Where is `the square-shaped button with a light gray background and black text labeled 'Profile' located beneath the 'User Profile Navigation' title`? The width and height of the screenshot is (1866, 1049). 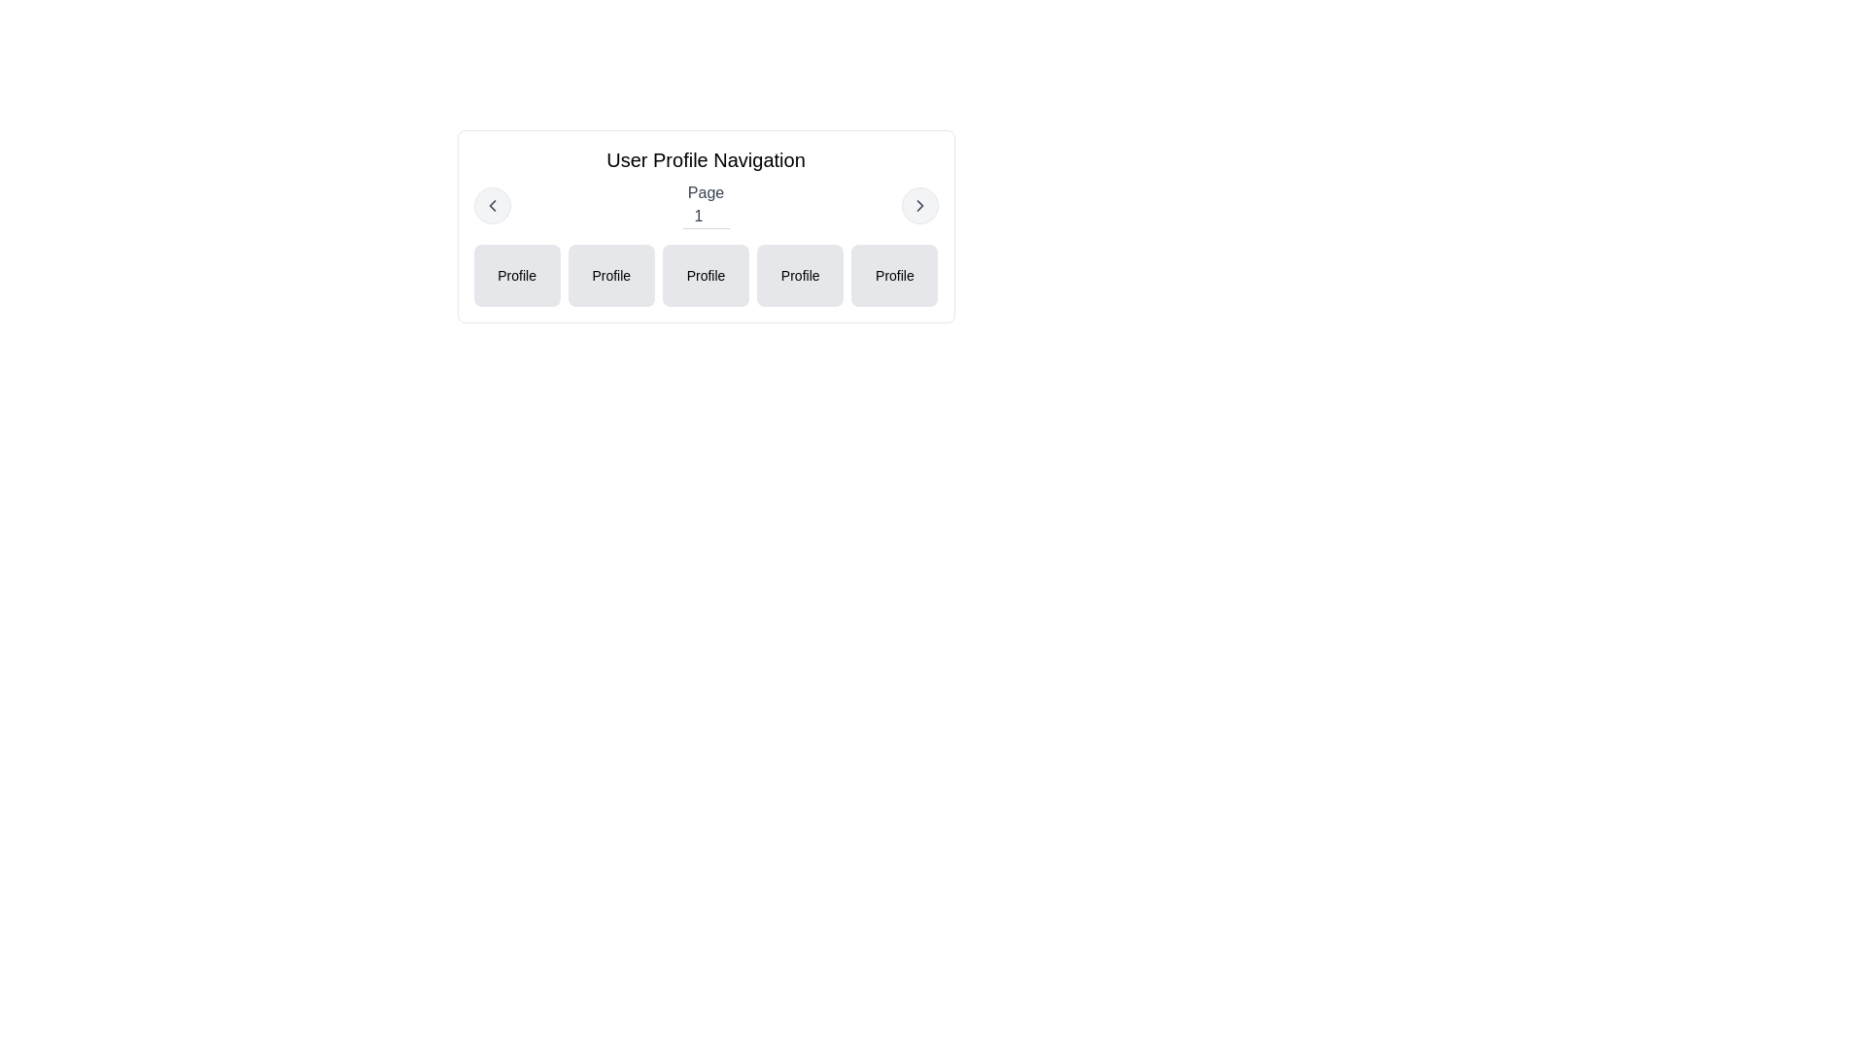 the square-shaped button with a light gray background and black text labeled 'Profile' located beneath the 'User Profile Navigation' title is located at coordinates (609, 276).